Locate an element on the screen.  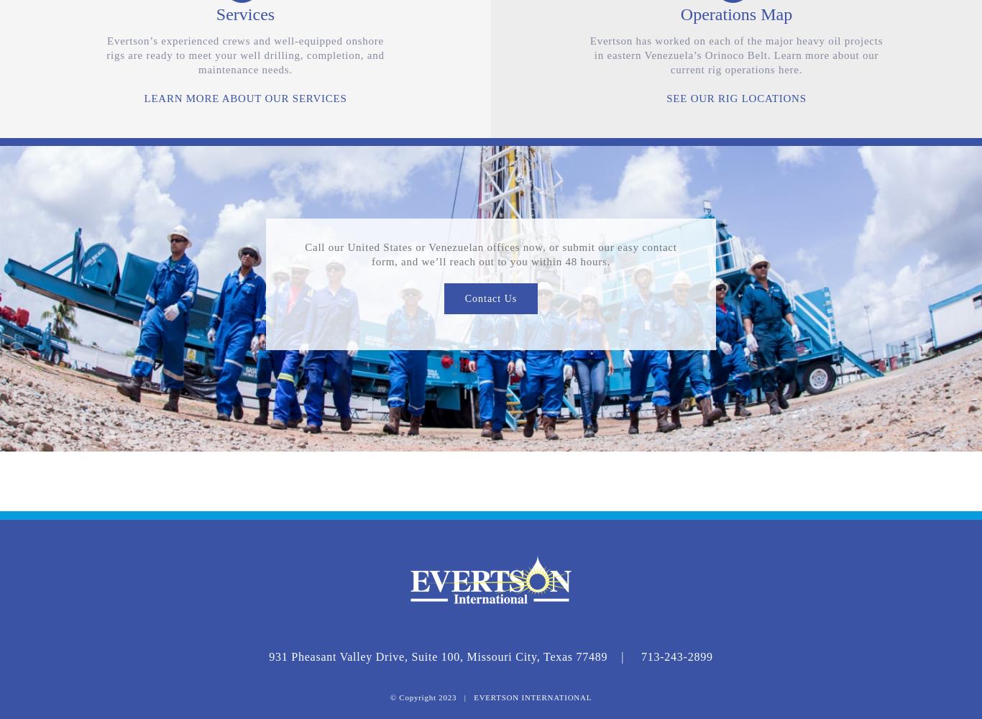
'© Copyright' is located at coordinates (413, 697).